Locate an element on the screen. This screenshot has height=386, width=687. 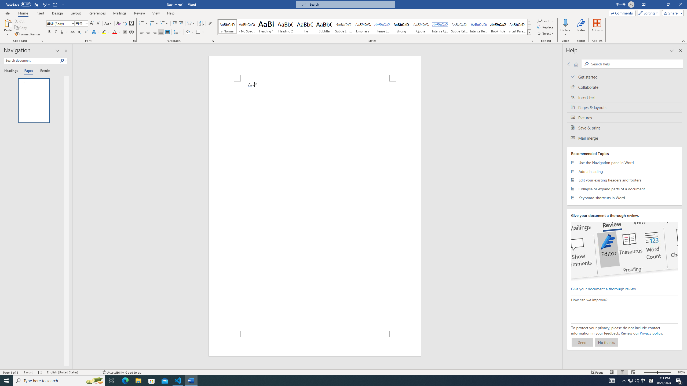
'Styles' is located at coordinates (529, 32).